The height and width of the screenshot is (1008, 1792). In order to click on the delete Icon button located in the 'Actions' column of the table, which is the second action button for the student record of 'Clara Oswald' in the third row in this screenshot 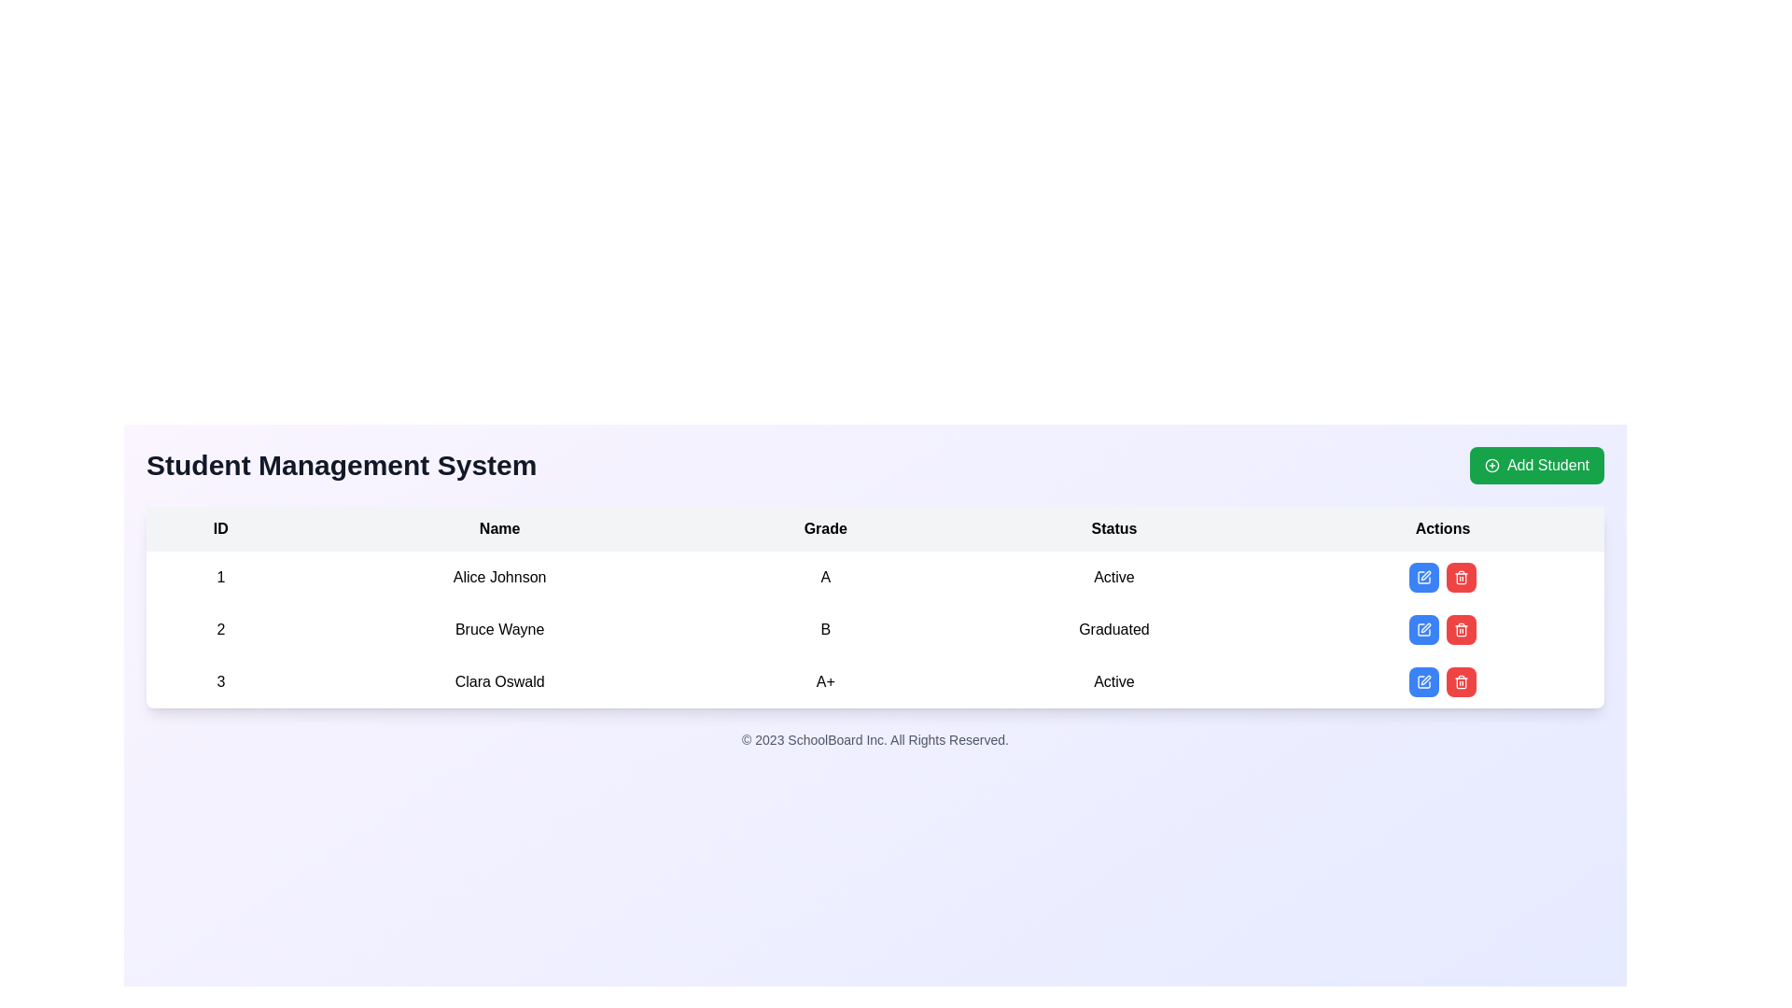, I will do `click(1460, 682)`.